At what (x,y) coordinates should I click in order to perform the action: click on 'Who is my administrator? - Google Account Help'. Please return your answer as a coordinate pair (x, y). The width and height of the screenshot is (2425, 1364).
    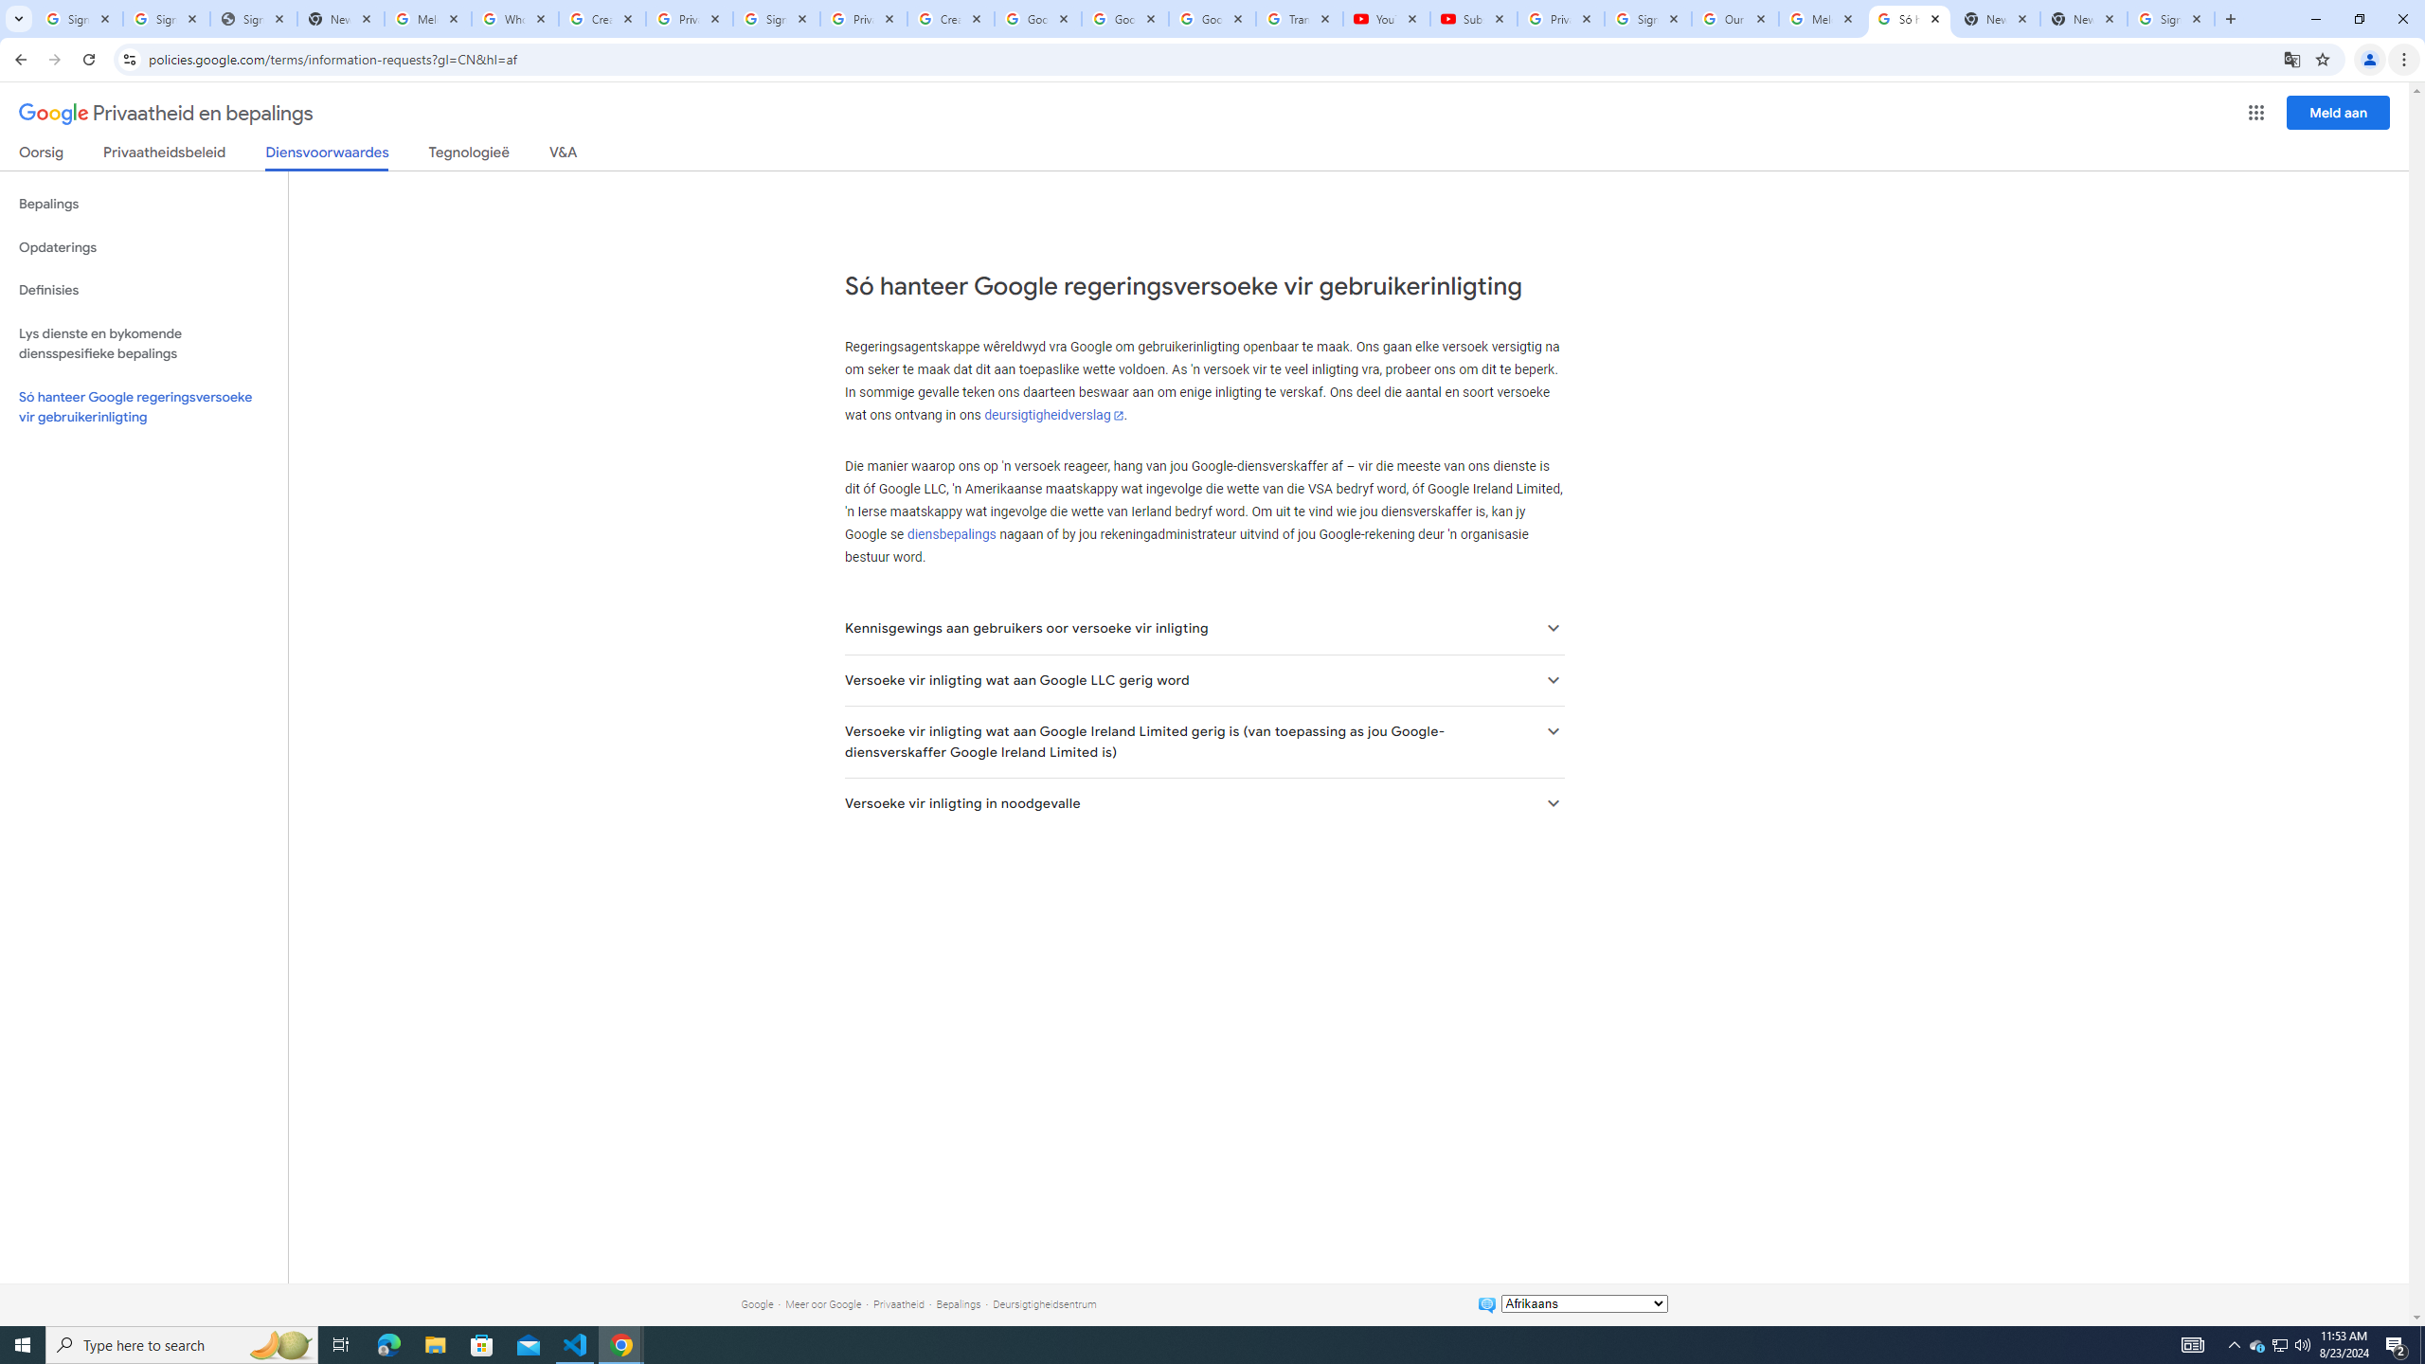
    Looking at the image, I should click on (514, 18).